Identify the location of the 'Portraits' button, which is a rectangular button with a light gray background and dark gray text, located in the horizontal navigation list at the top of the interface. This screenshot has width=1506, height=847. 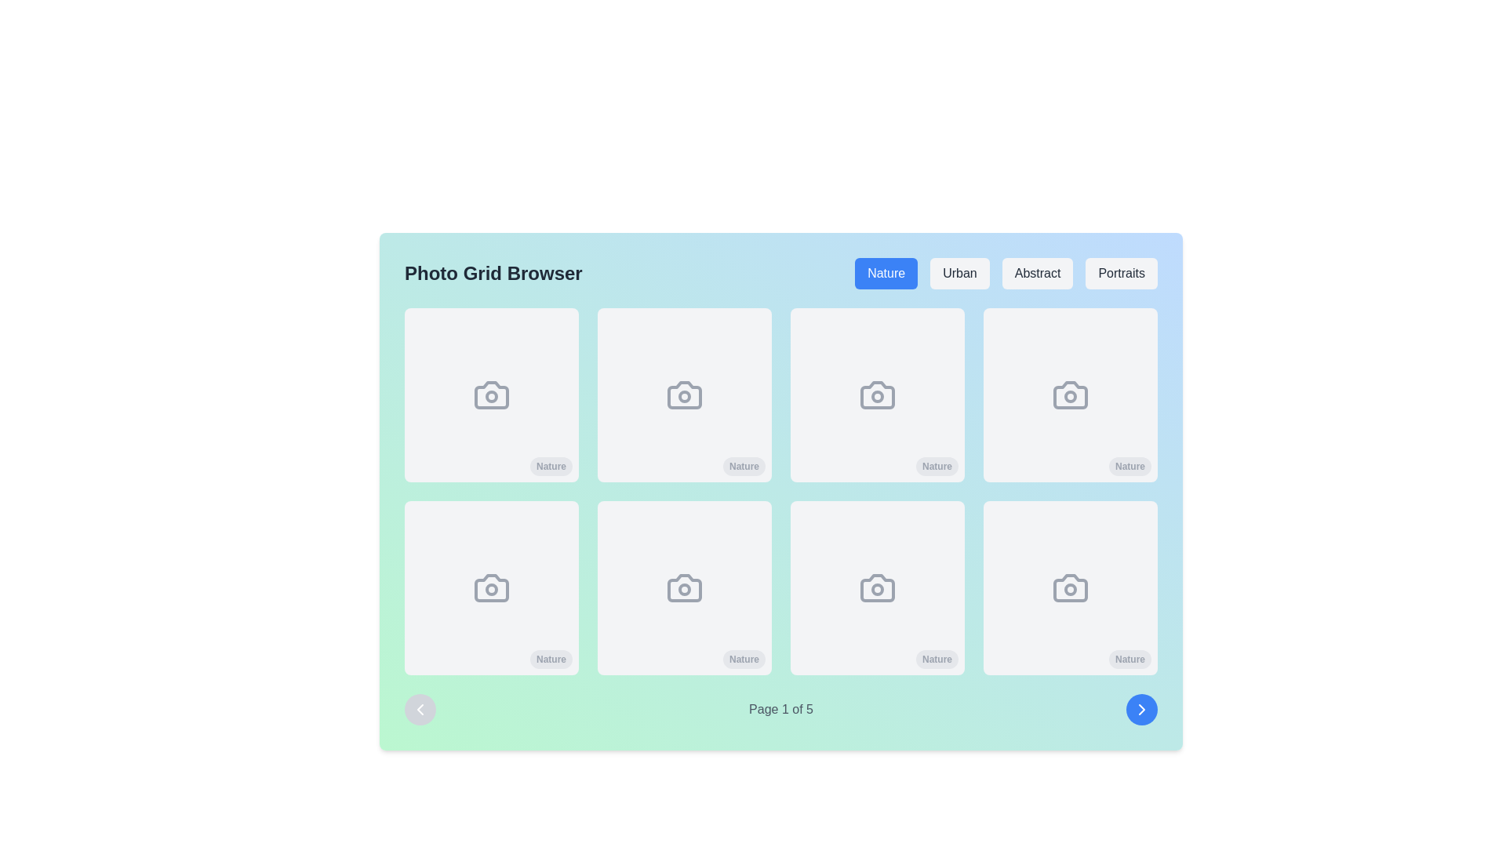
(1121, 272).